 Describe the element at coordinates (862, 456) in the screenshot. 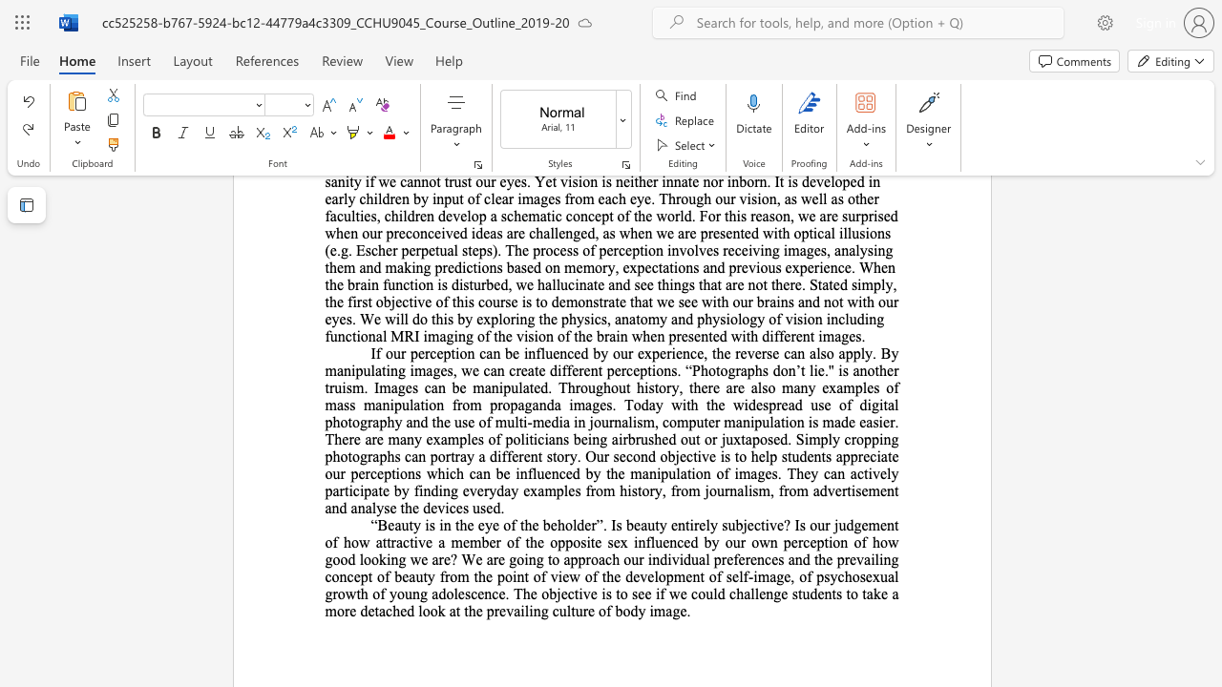

I see `the subset text "eciate our perceptions which can be influenced by th" within the text "osed. Simply cropping photographs can portray a different story. Our second objective is to help students appreciate our perceptions which can be influenced by the manipulation of images. They can actively participate by finding everyday examples from history, from journalism, from advertisement and analyse the devices used."` at that location.